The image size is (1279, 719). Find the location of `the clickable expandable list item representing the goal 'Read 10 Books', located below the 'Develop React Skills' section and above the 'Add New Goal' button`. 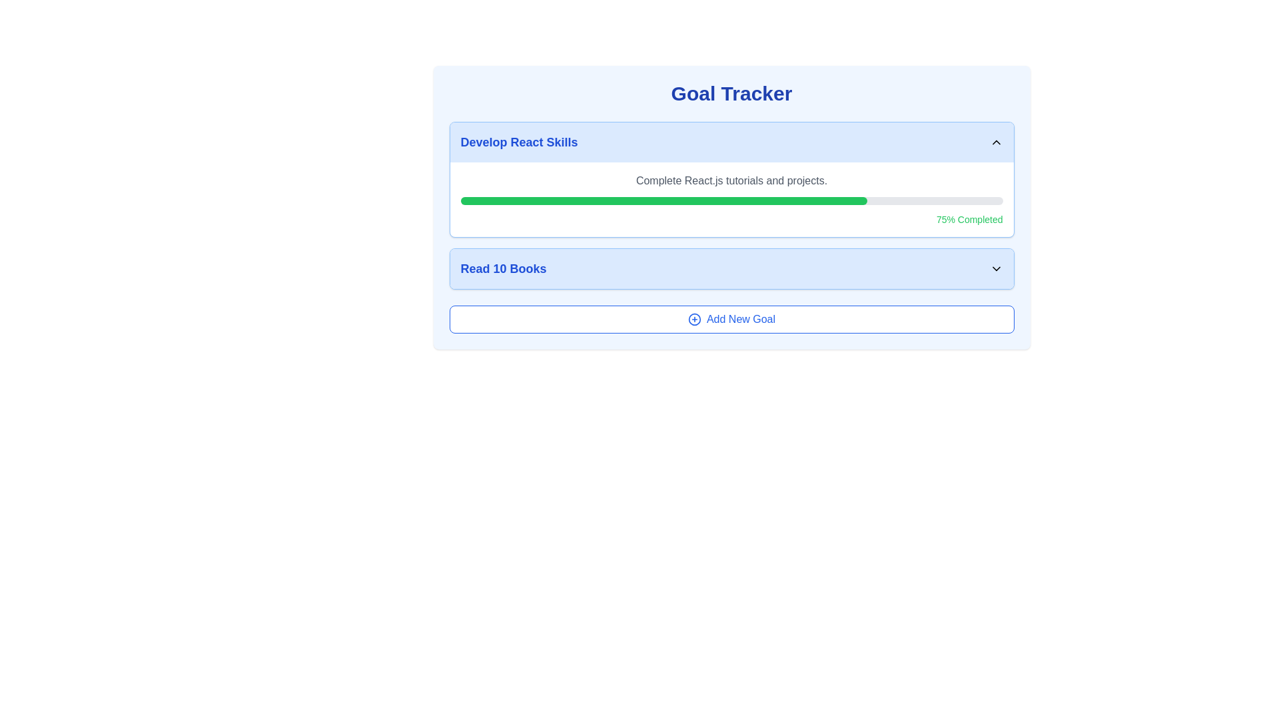

the clickable expandable list item representing the goal 'Read 10 Books', located below the 'Develop React Skills' section and above the 'Add New Goal' button is located at coordinates (731, 269).